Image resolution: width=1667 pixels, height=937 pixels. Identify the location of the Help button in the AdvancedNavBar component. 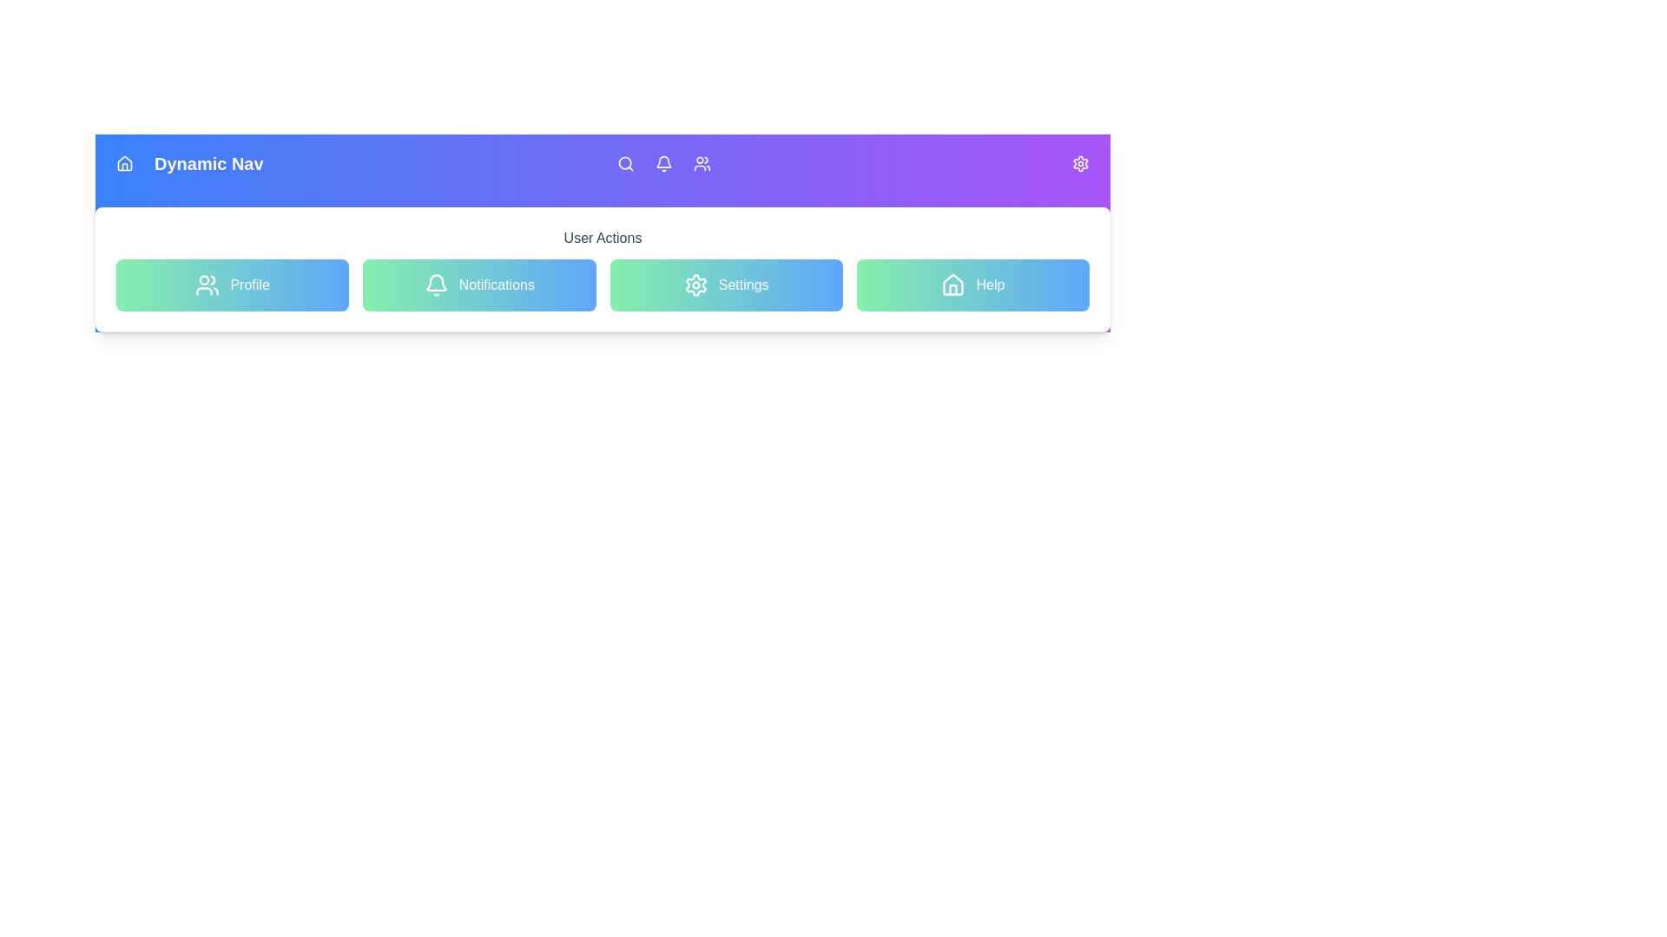
(971, 284).